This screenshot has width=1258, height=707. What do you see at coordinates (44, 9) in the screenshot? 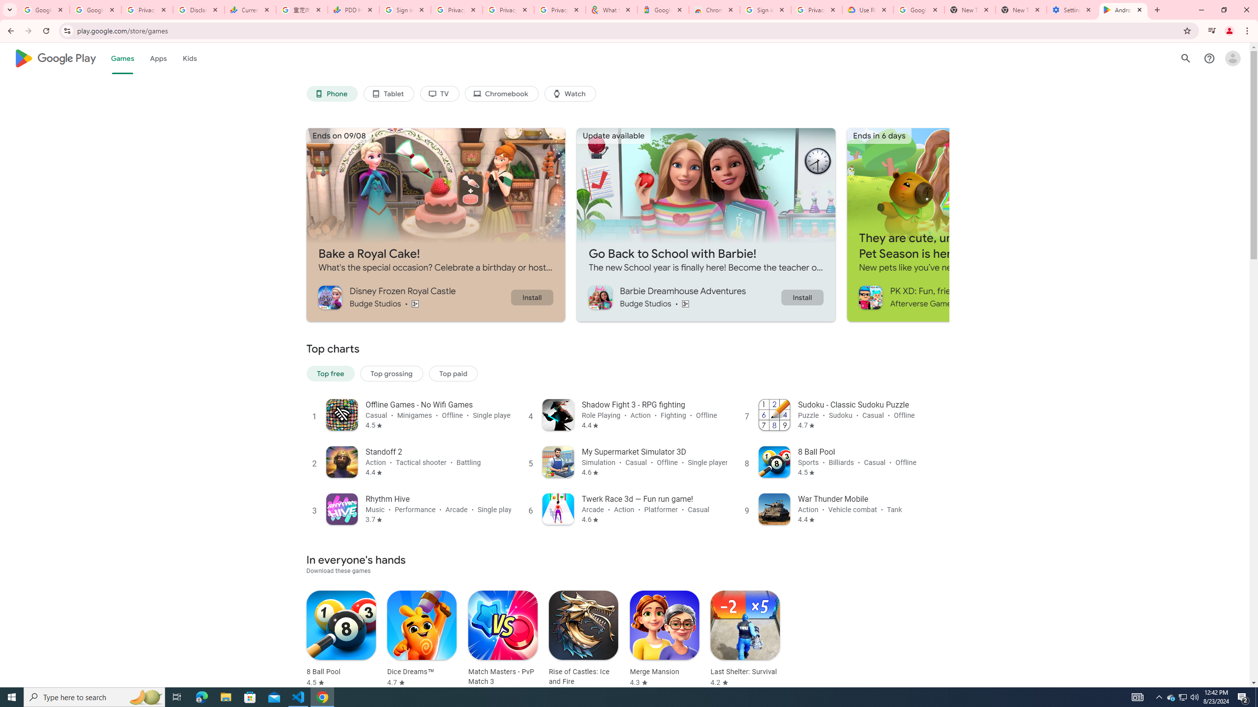
I see `'Google Workspace Admin Community'` at bounding box center [44, 9].